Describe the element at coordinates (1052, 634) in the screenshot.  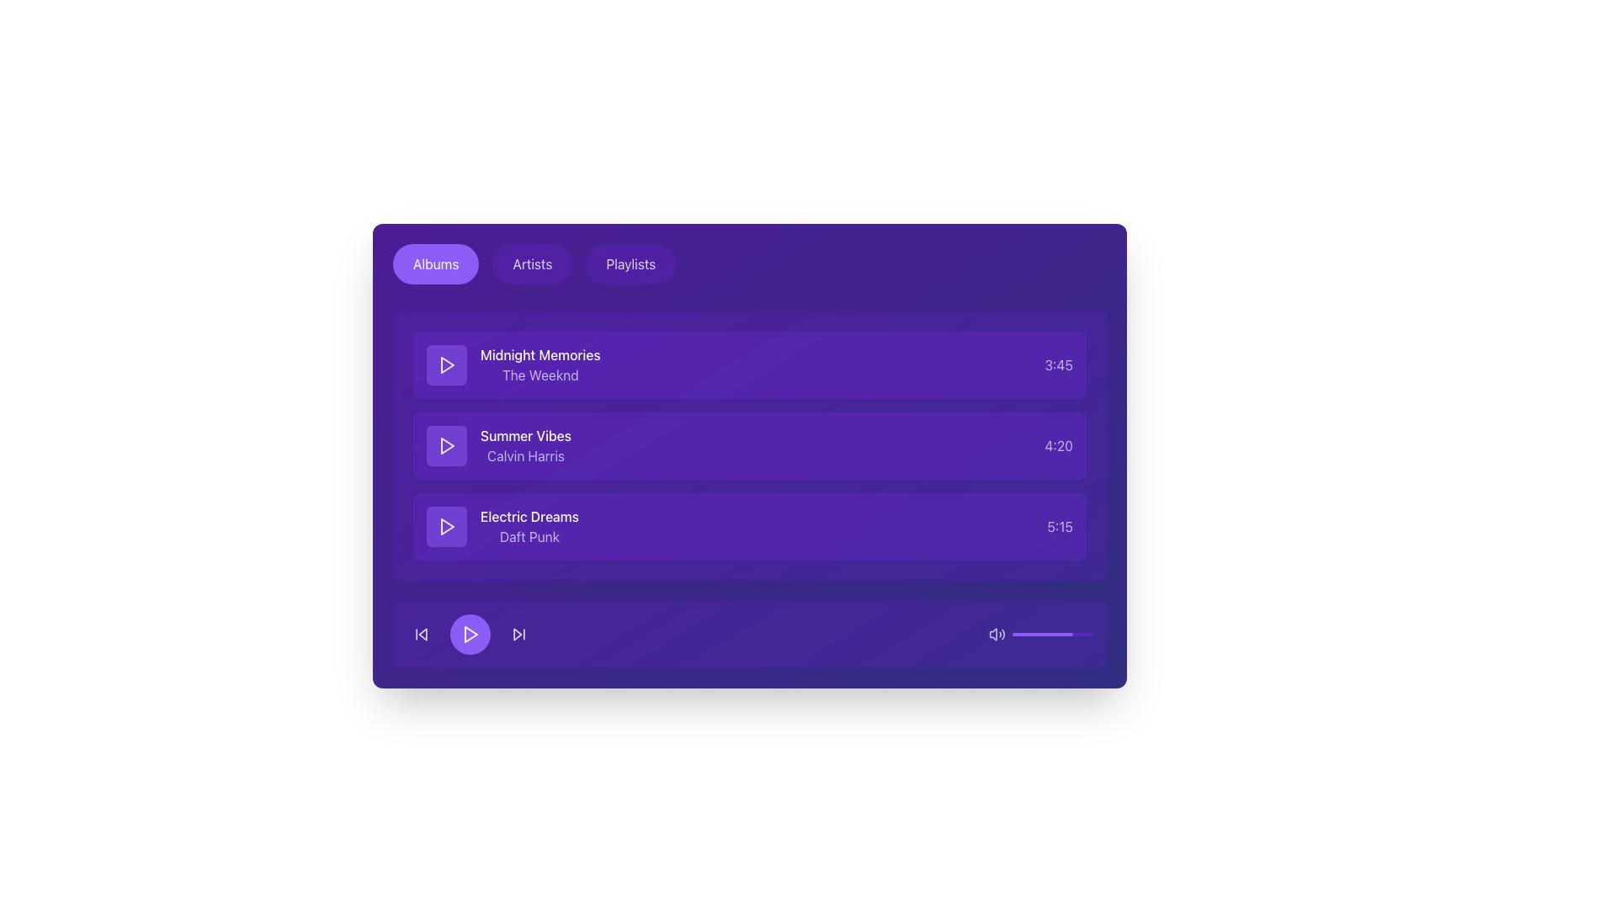
I see `the horizontal progress bar styled with a violet background and rounded edges located at the bottom right of the music player interface to adjust the volume level` at that location.